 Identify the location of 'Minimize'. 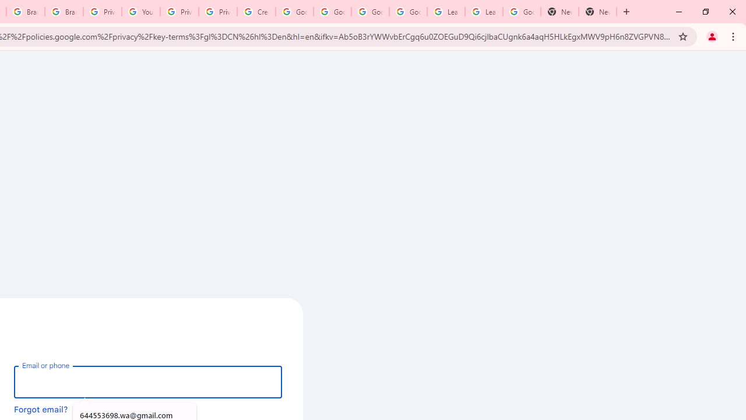
(679, 12).